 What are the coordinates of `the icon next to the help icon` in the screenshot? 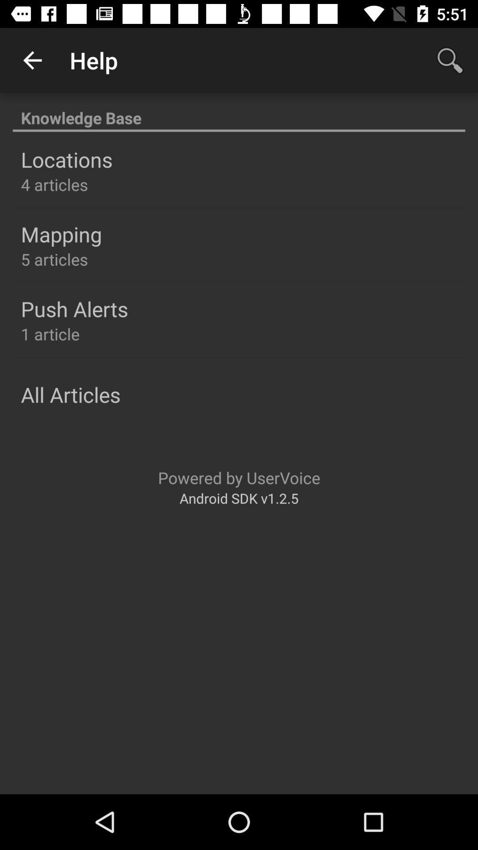 It's located at (32, 60).